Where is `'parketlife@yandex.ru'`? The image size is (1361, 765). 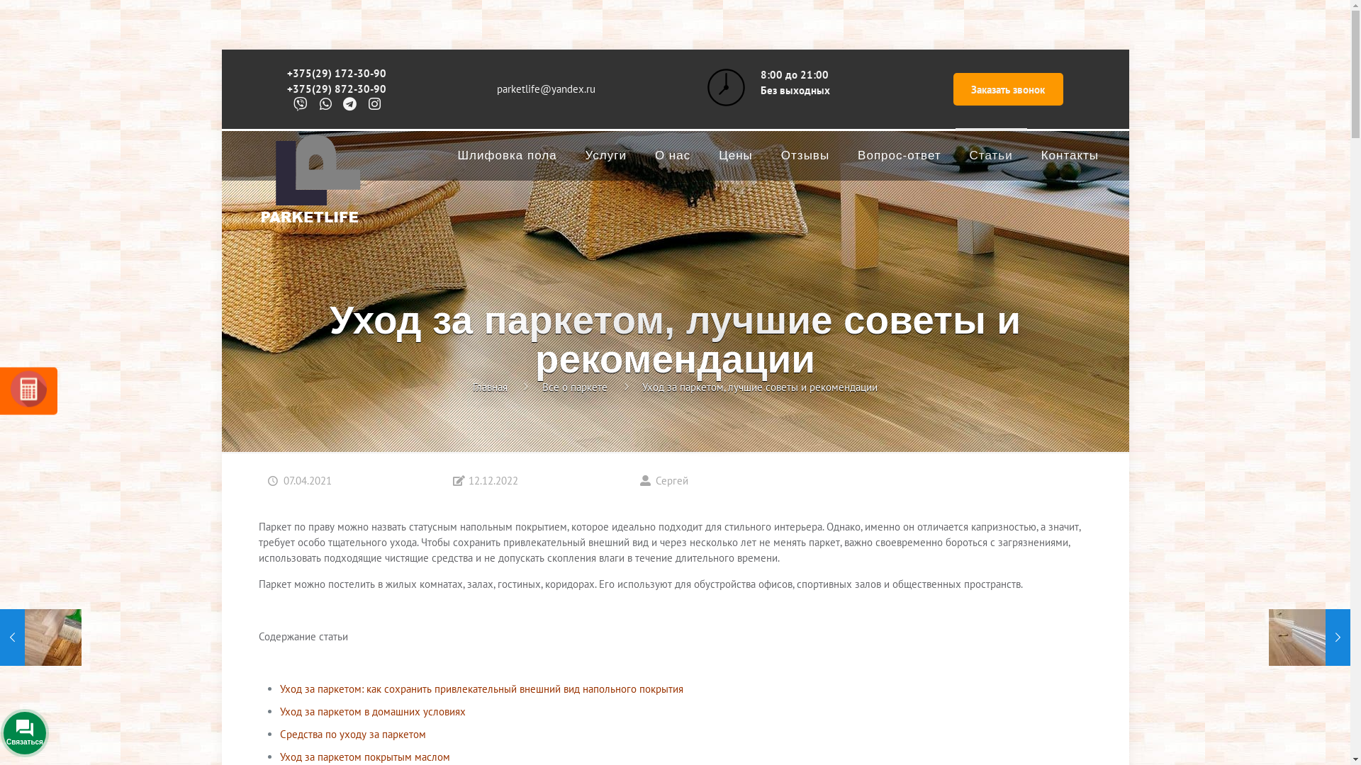
'parketlife@yandex.ru' is located at coordinates (545, 89).